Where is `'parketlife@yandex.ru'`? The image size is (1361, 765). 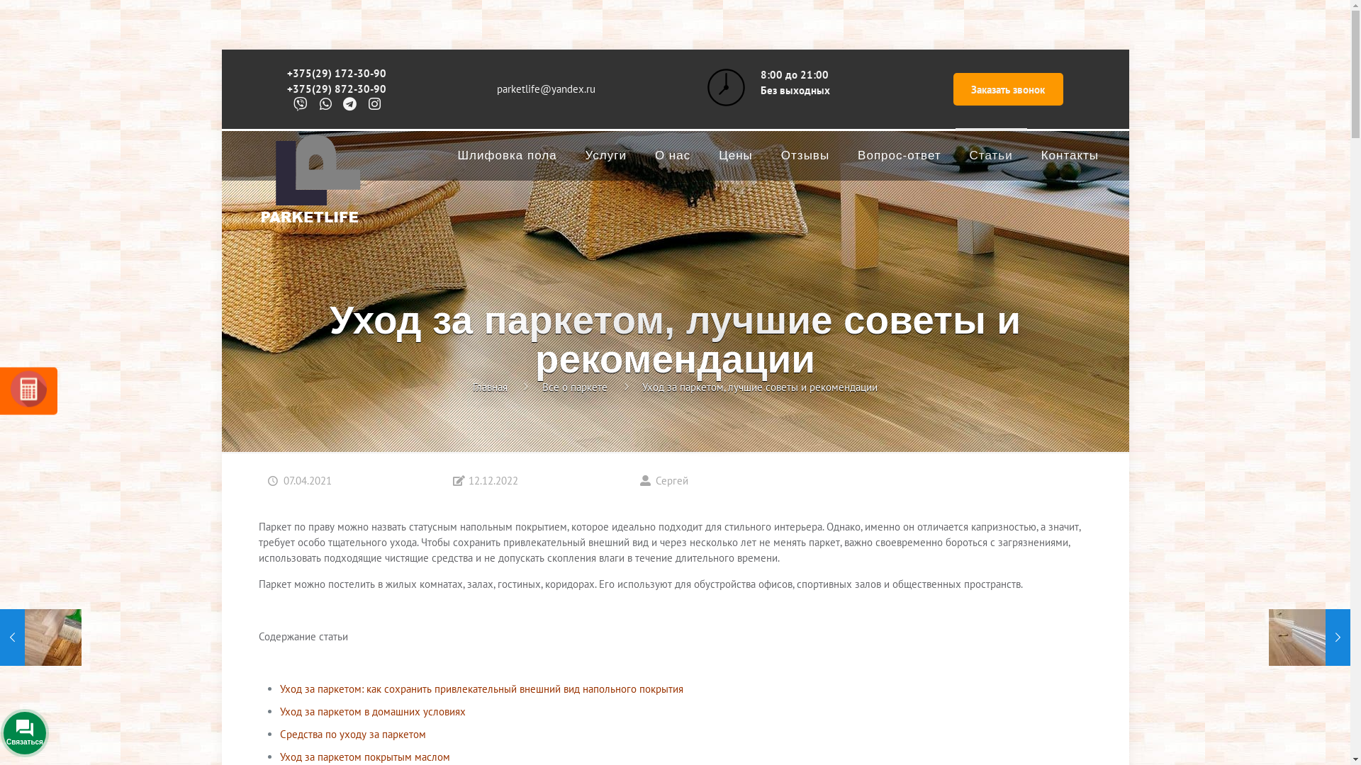
'parketlife@yandex.ru' is located at coordinates (545, 89).